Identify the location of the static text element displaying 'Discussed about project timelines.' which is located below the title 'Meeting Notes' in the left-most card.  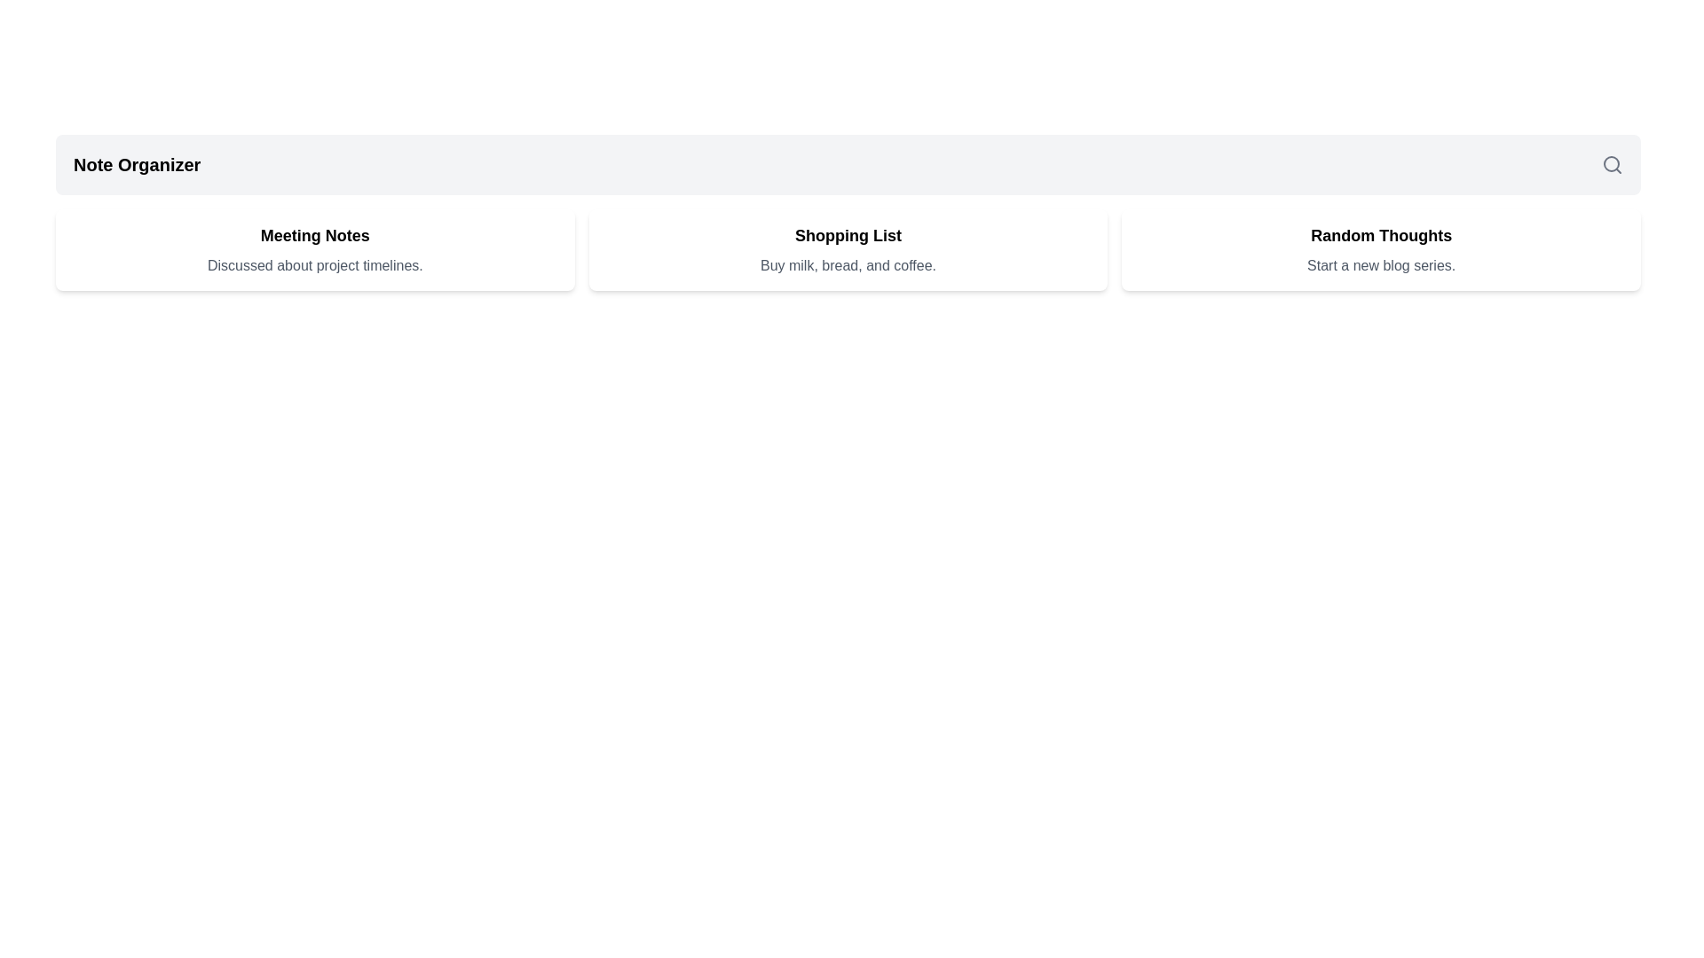
(315, 266).